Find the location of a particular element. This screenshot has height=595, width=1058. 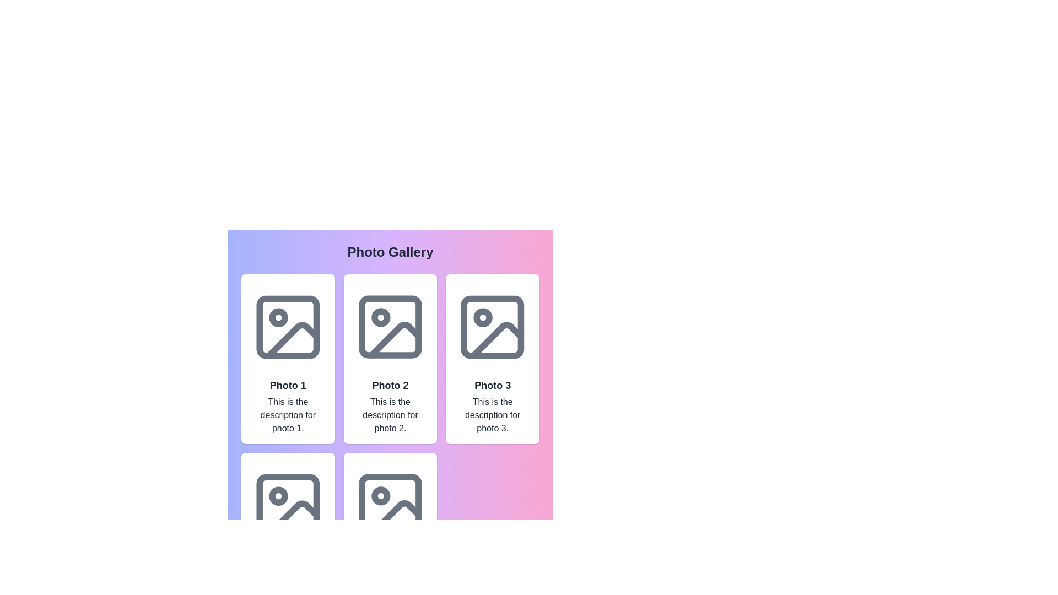

the static informational card representing 'Photo 3', which features a gray image icon, the title 'Photo 3' in bold text, and a description stating 'This is the description for photo 3.' is located at coordinates (492, 359).